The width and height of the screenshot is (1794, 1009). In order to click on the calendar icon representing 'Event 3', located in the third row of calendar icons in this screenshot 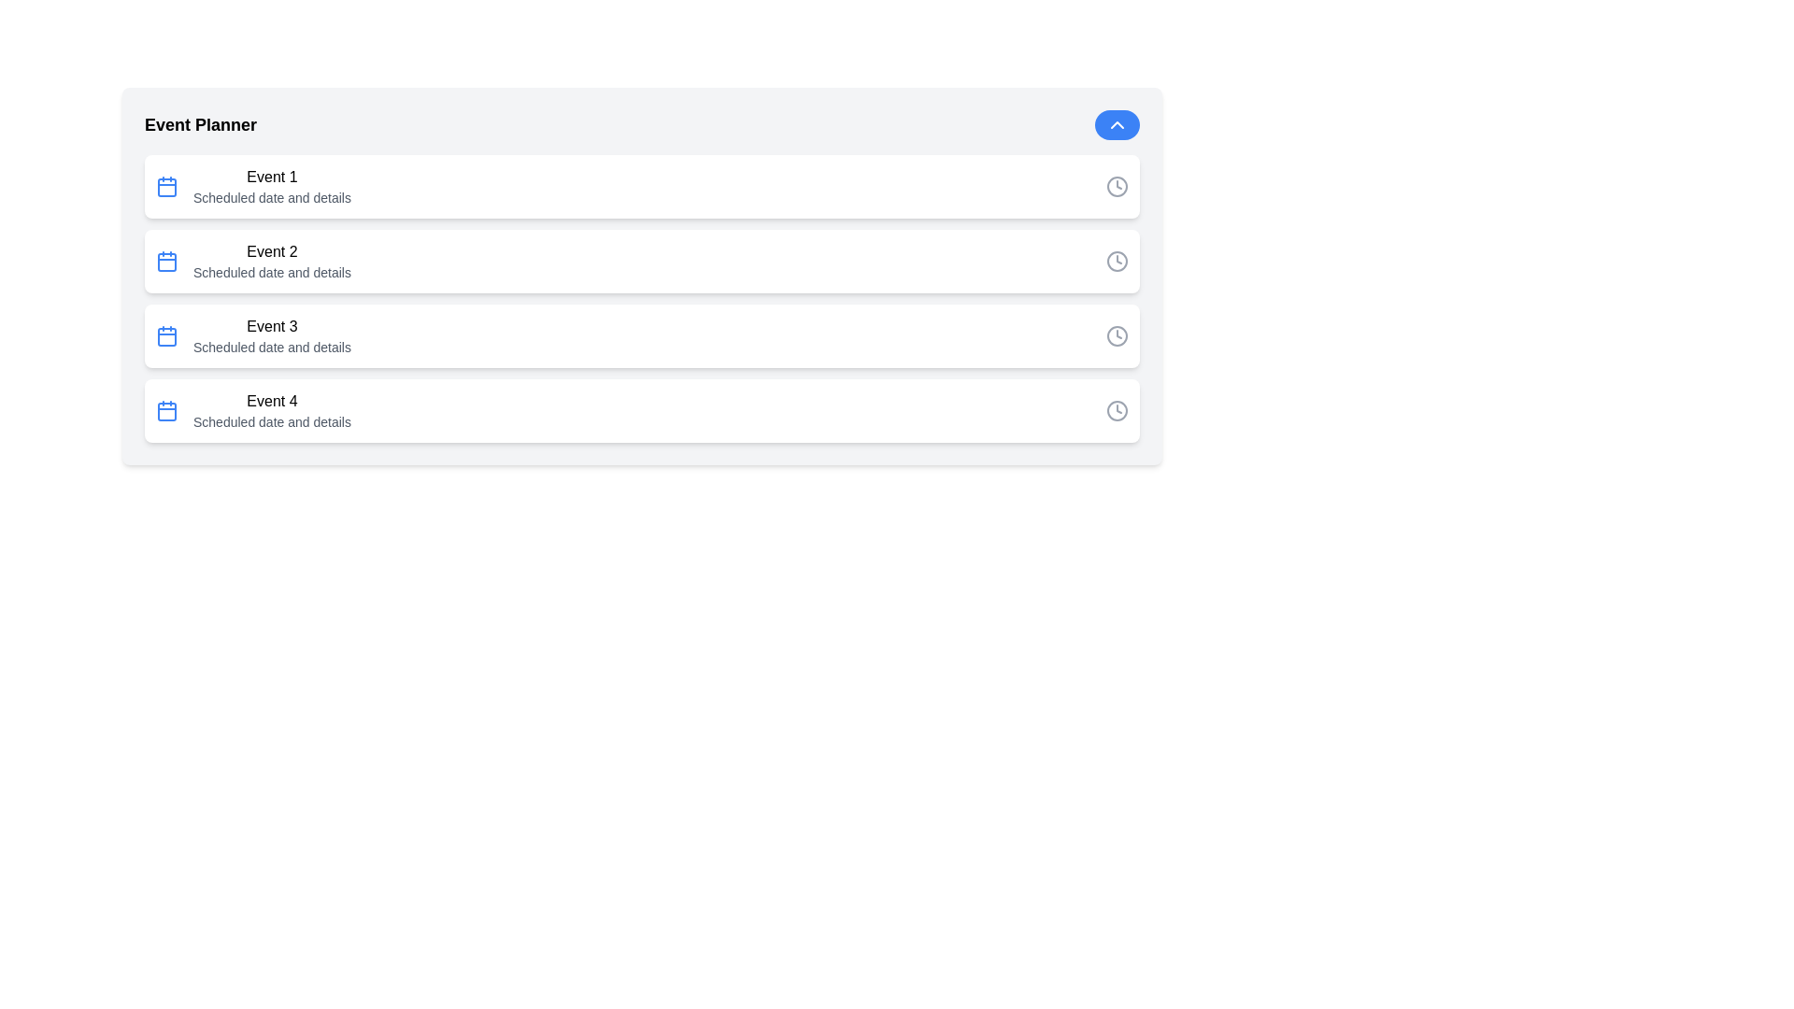, I will do `click(166, 337)`.